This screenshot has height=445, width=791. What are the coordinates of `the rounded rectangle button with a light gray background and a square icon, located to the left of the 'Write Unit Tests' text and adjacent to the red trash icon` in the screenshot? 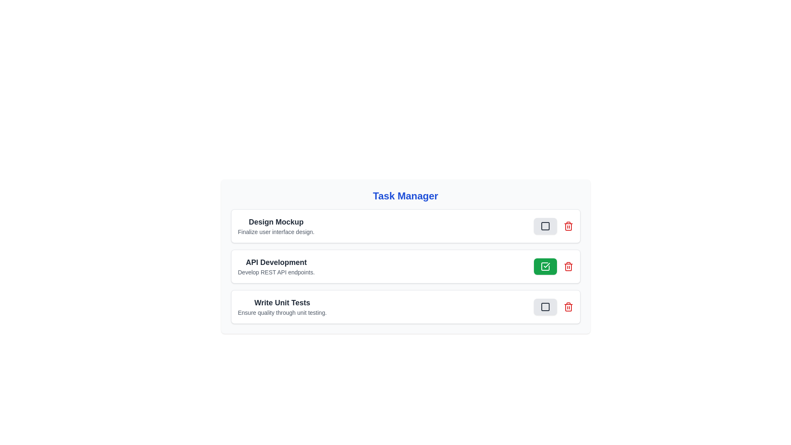 It's located at (545, 307).